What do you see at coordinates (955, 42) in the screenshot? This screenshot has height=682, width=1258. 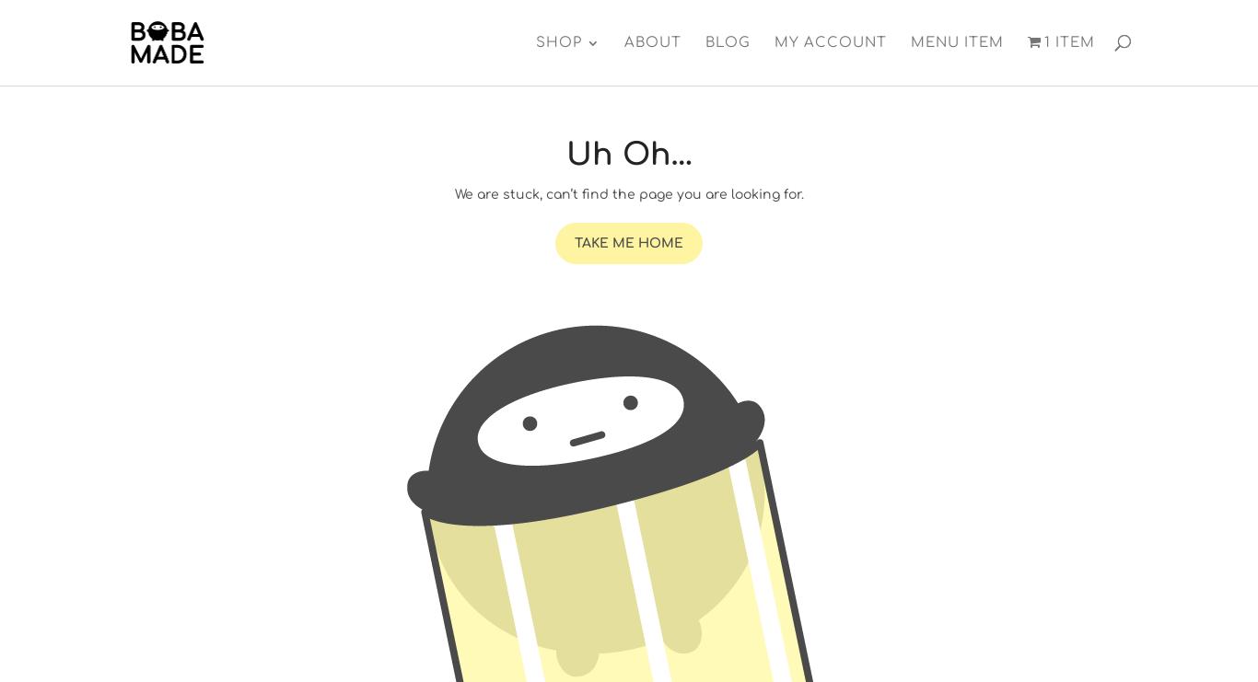 I see `'Menu Item'` at bounding box center [955, 42].